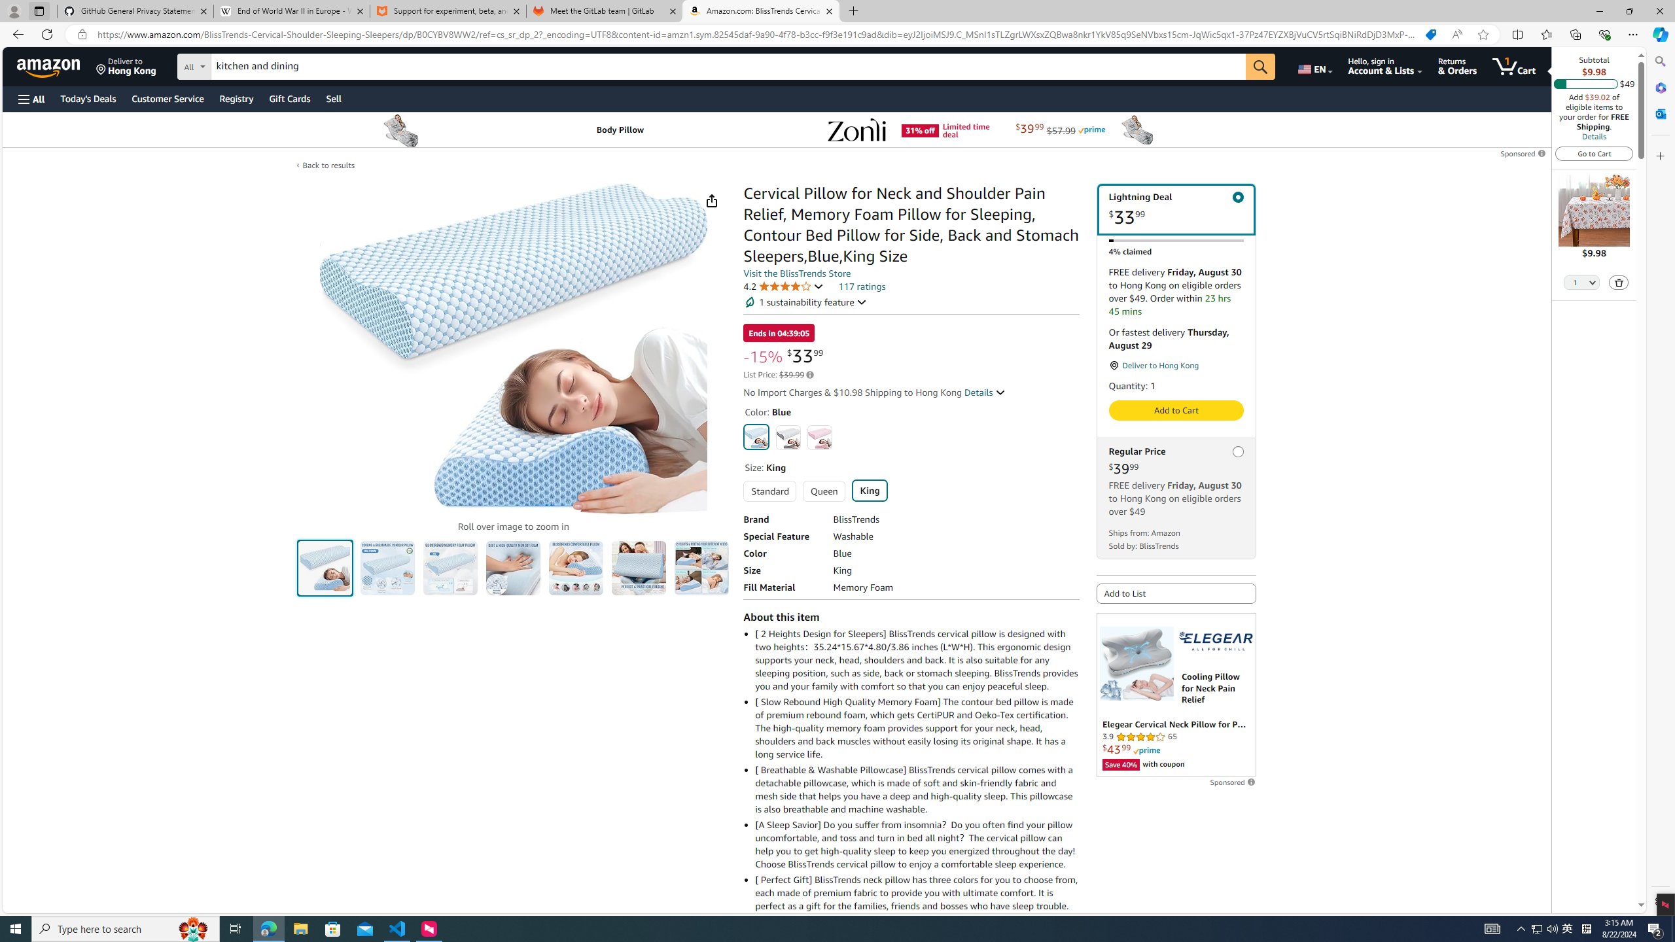  What do you see at coordinates (1176, 410) in the screenshot?
I see `'Add to Cart'` at bounding box center [1176, 410].